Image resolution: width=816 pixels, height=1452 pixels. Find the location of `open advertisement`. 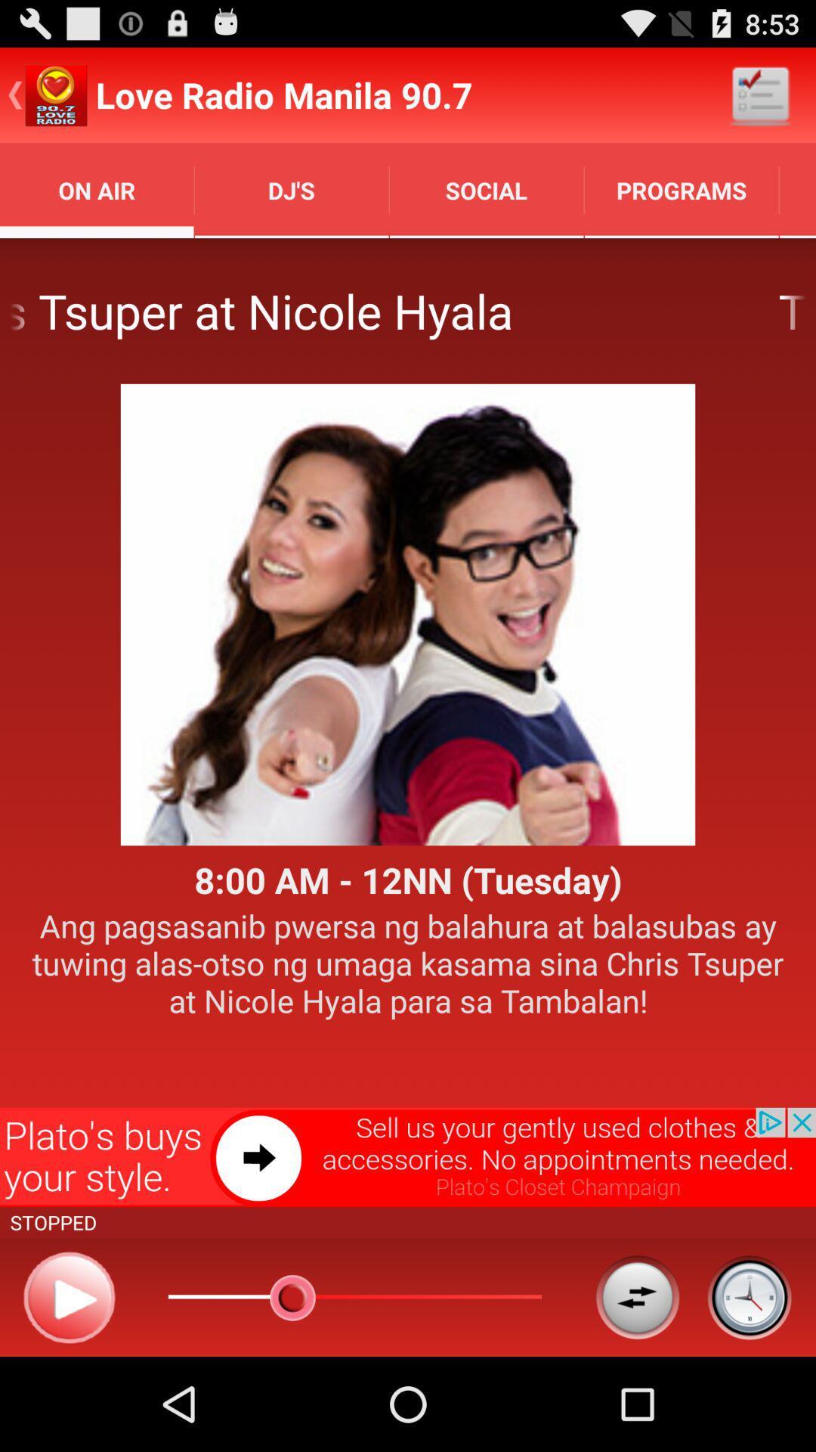

open advertisement is located at coordinates (408, 1156).